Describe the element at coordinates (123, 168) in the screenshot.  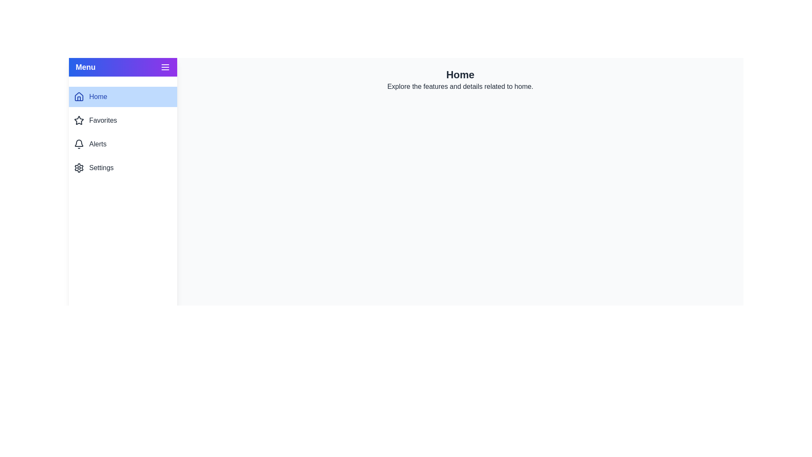
I see `the 'Settings' button in the sidebar navigation` at that location.